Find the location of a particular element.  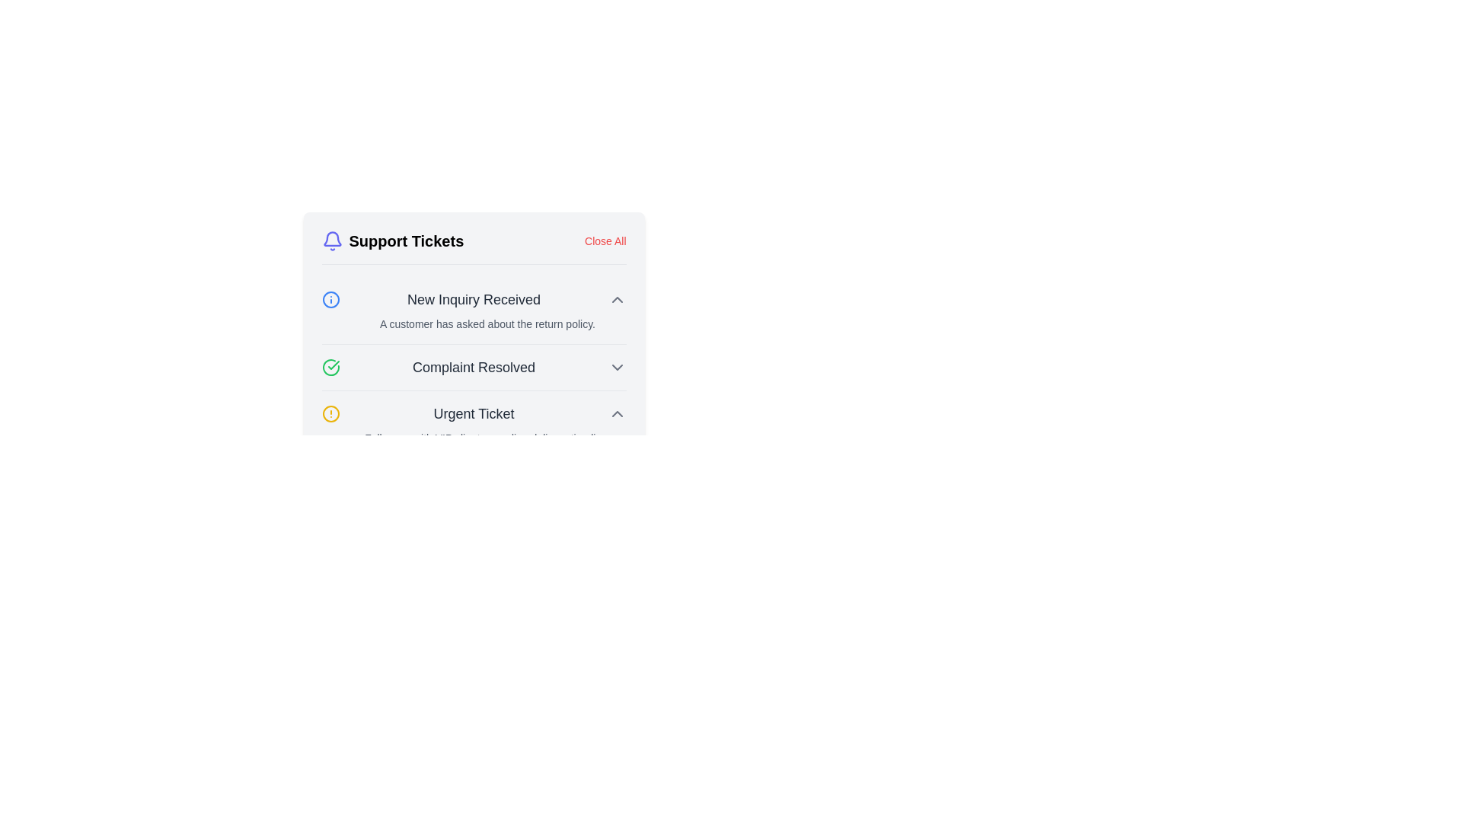

the 'Complaint Resolved' notification item in the list is located at coordinates (473, 367).